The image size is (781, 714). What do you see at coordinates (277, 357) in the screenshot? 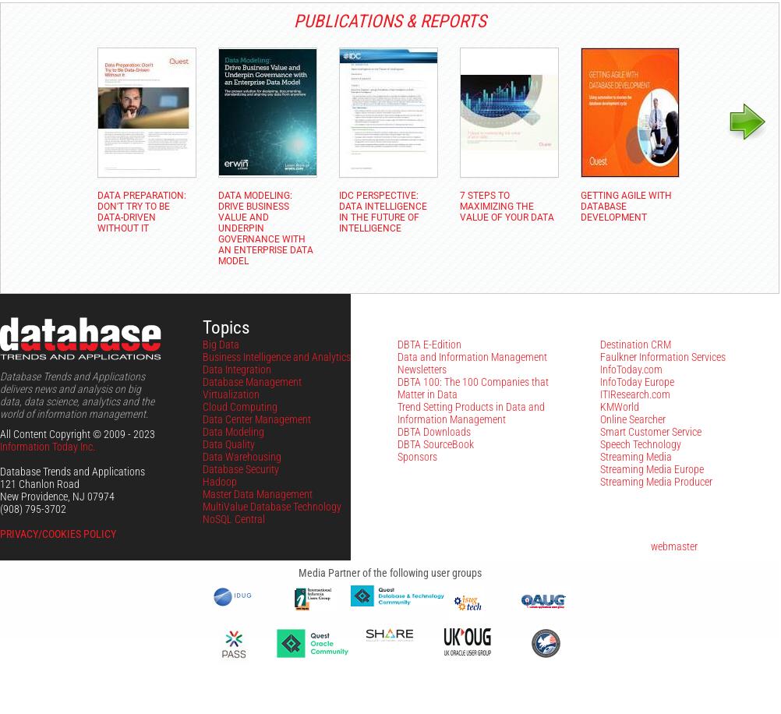
I see `'Business Intelligence and Analytics'` at bounding box center [277, 357].